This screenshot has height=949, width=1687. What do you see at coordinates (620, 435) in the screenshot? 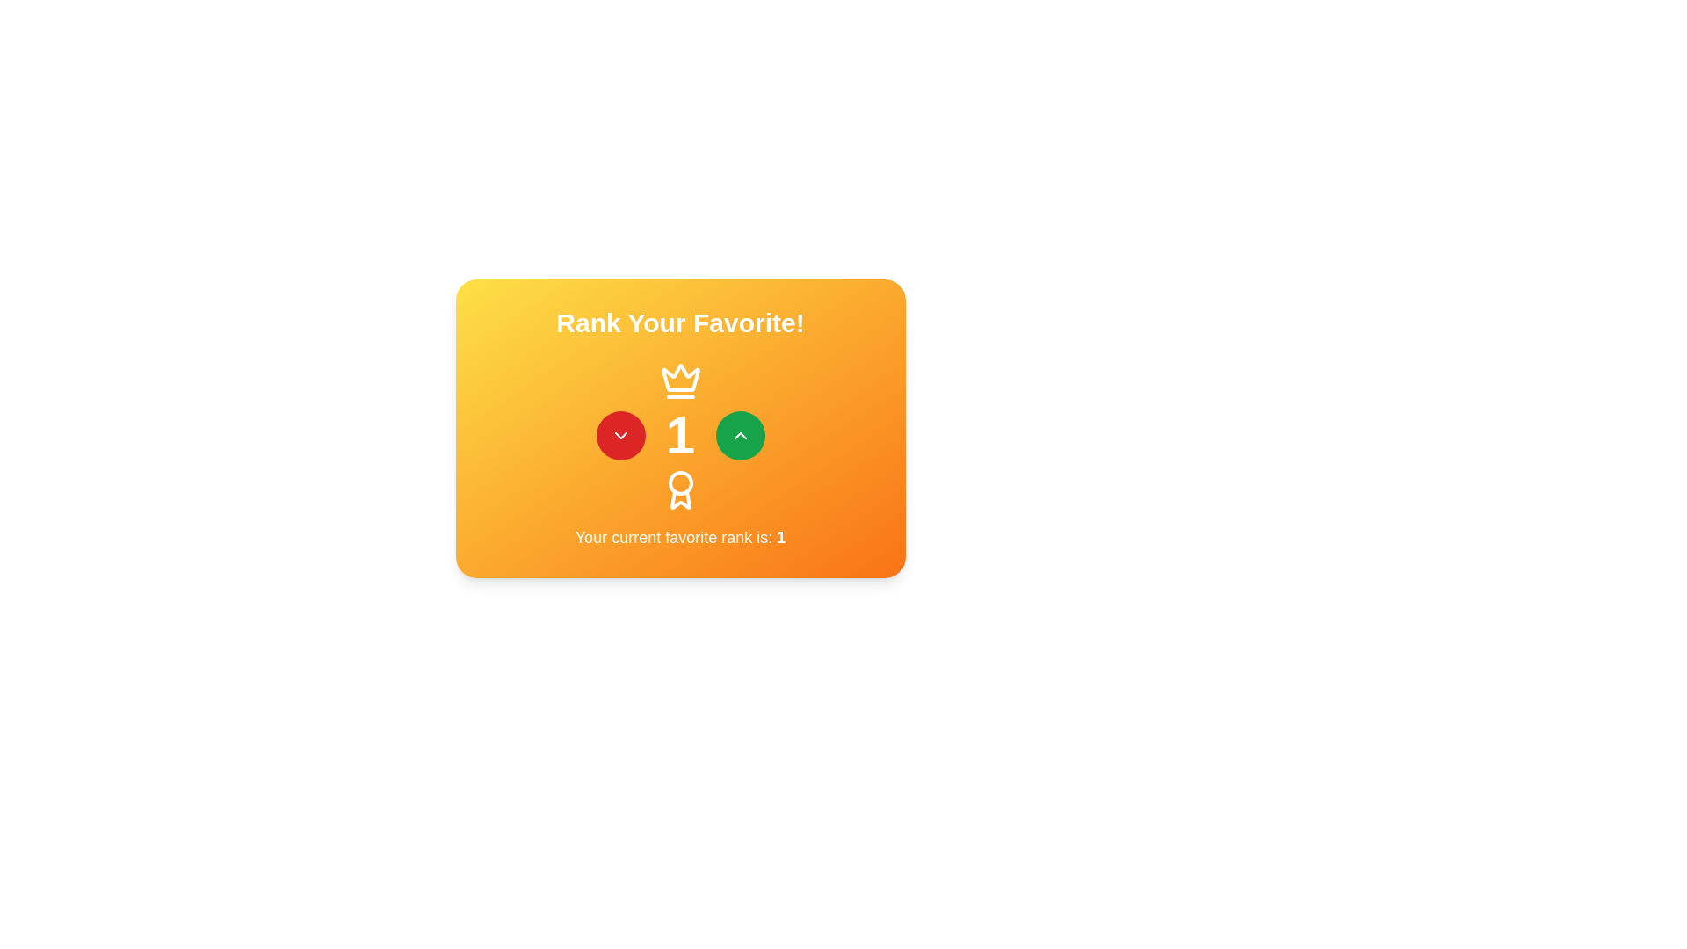
I see `the small downward-facing chevron icon with a red circular background` at bounding box center [620, 435].